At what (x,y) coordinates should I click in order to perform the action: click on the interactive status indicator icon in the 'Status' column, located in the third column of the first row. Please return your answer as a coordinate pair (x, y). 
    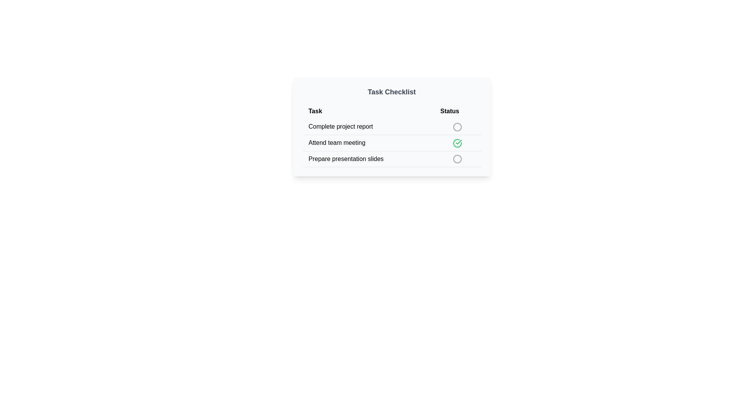
    Looking at the image, I should click on (457, 126).